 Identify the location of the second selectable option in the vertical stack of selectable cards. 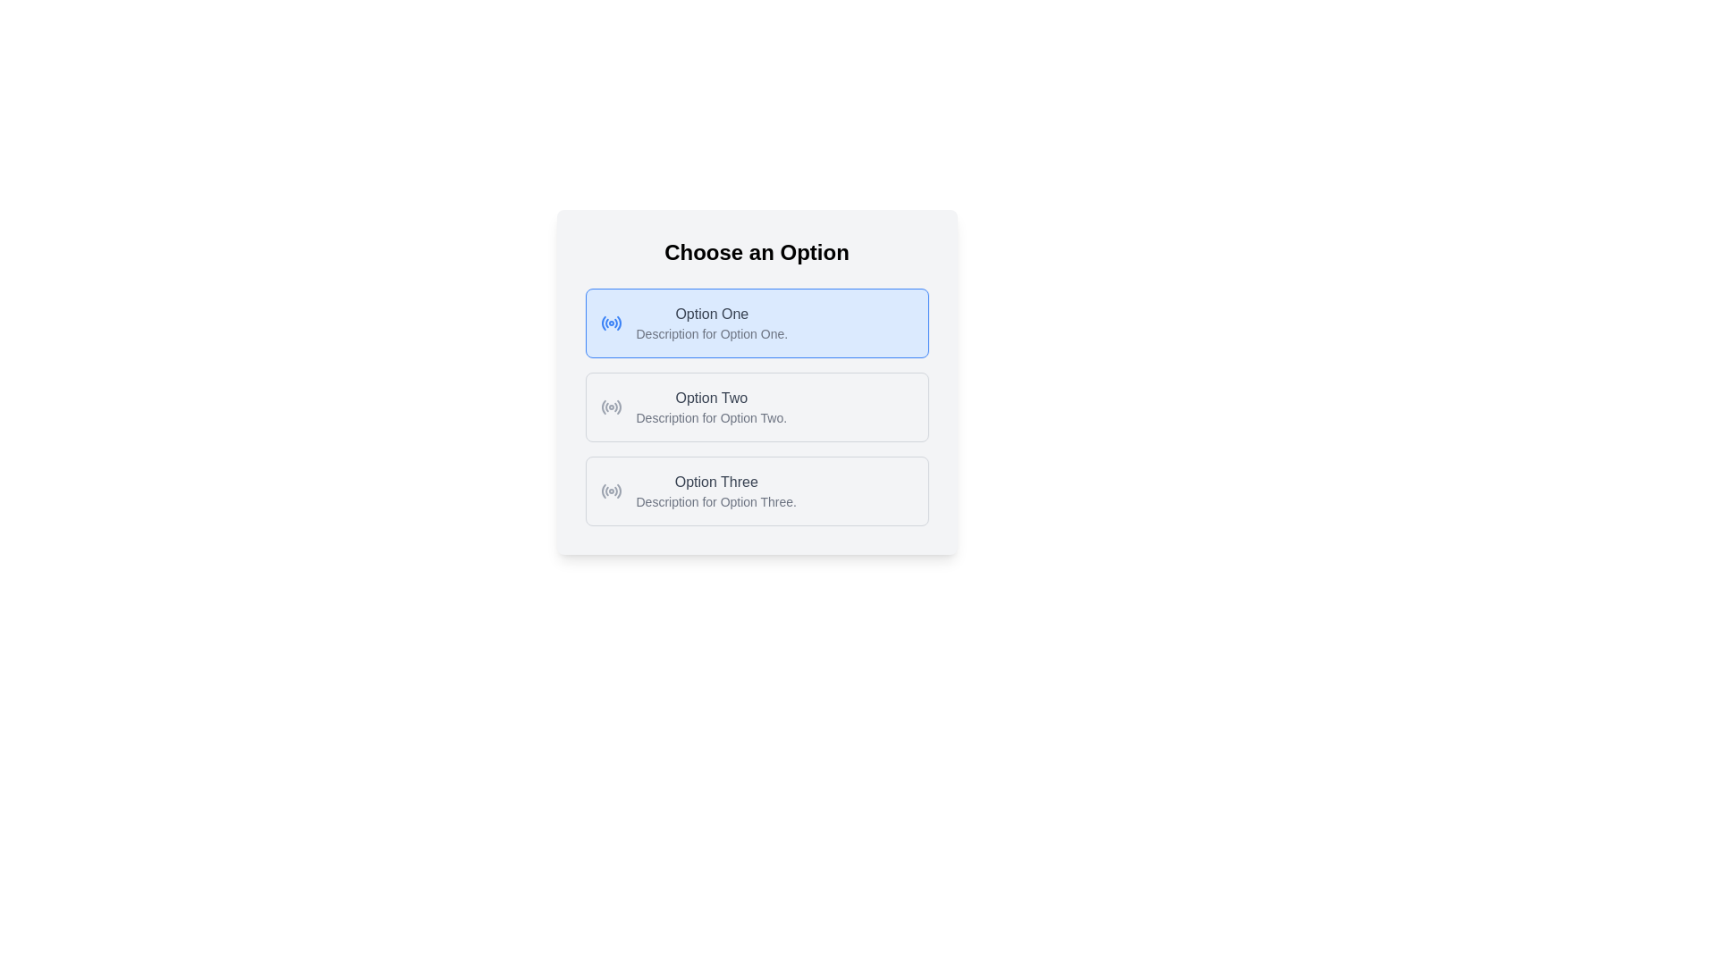
(757, 407).